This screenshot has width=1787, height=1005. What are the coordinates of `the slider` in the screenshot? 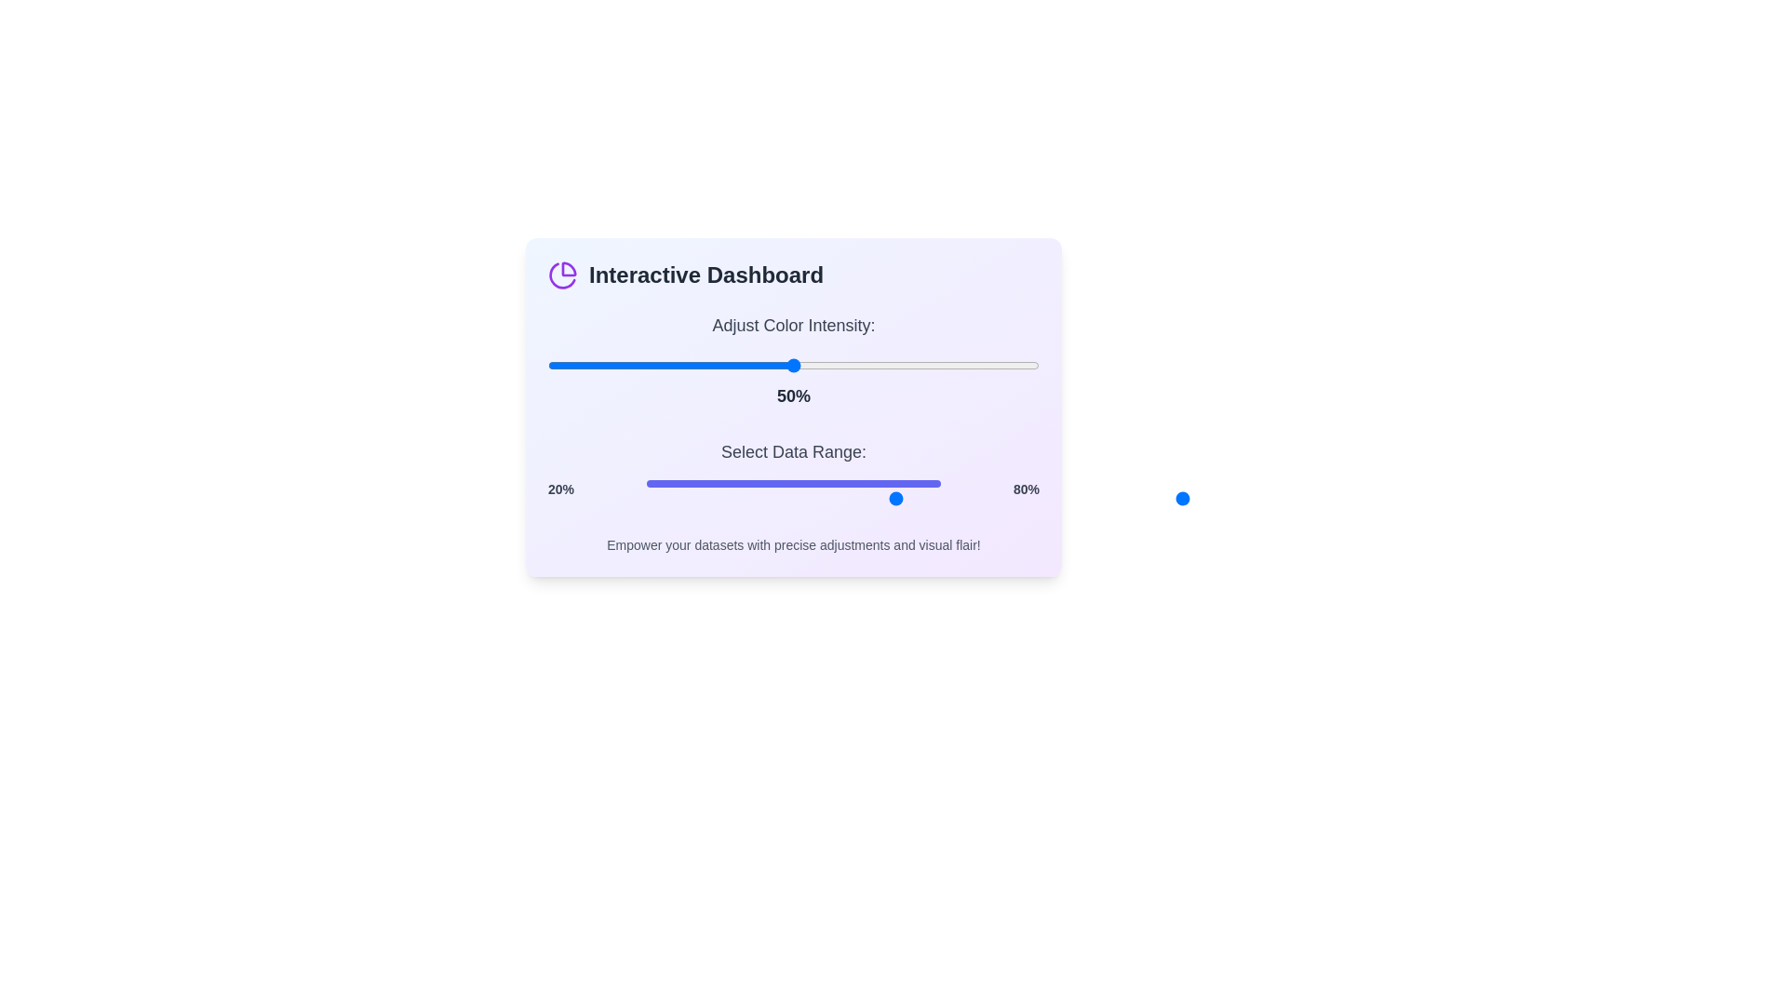 It's located at (886, 498).